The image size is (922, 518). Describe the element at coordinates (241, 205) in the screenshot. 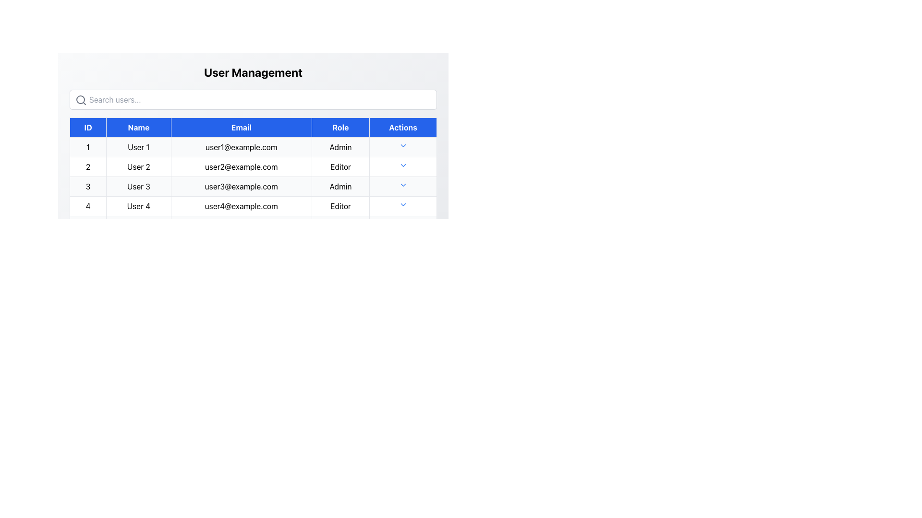

I see `the email address displayed in the third cell of the fourth row of the table` at that location.